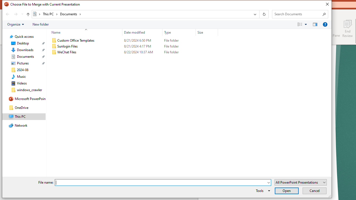 This screenshot has width=356, height=200. I want to click on 'Forward (Alt + Right Arrow)', so click(16, 14).